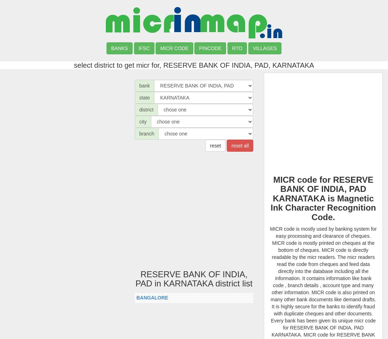 The height and width of the screenshot is (339, 388). What do you see at coordinates (194, 278) in the screenshot?
I see `'RESERVE BANK OF INDIA, PAD in KARNATAKA district list'` at bounding box center [194, 278].